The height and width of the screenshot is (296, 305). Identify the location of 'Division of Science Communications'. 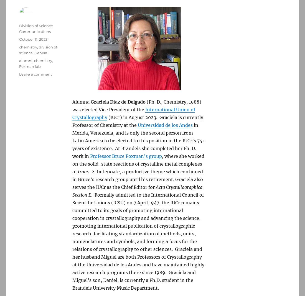
(19, 28).